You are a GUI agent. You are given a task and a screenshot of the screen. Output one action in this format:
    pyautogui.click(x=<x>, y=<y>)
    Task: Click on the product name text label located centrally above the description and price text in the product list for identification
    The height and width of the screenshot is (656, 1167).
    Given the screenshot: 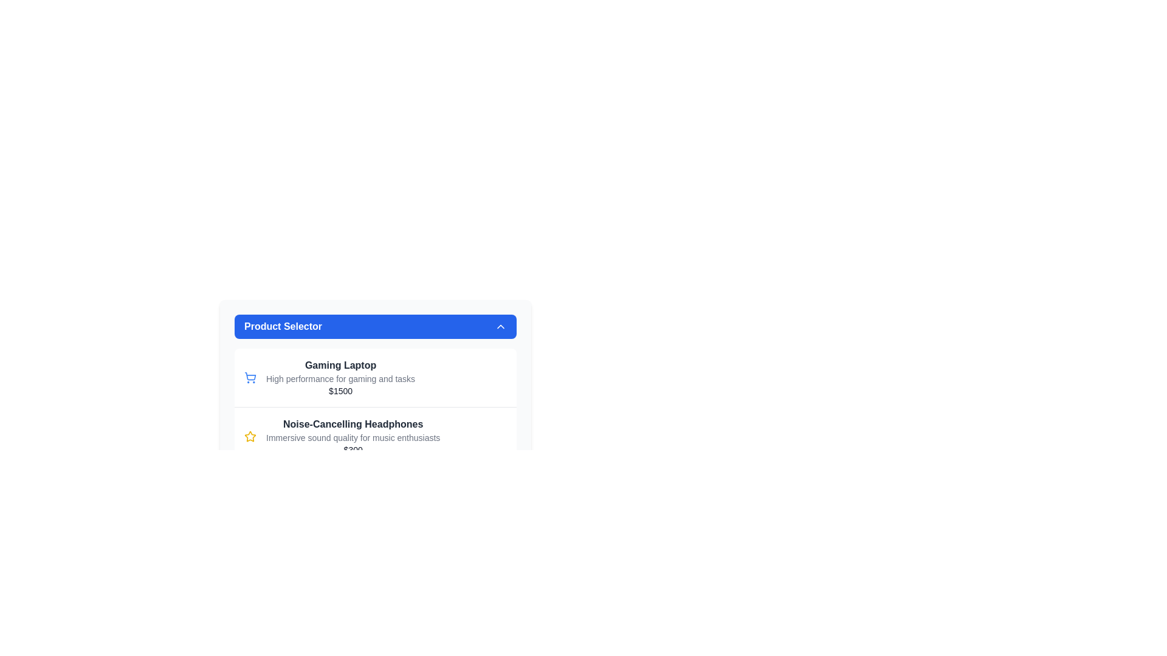 What is the action you would take?
    pyautogui.click(x=340, y=364)
    